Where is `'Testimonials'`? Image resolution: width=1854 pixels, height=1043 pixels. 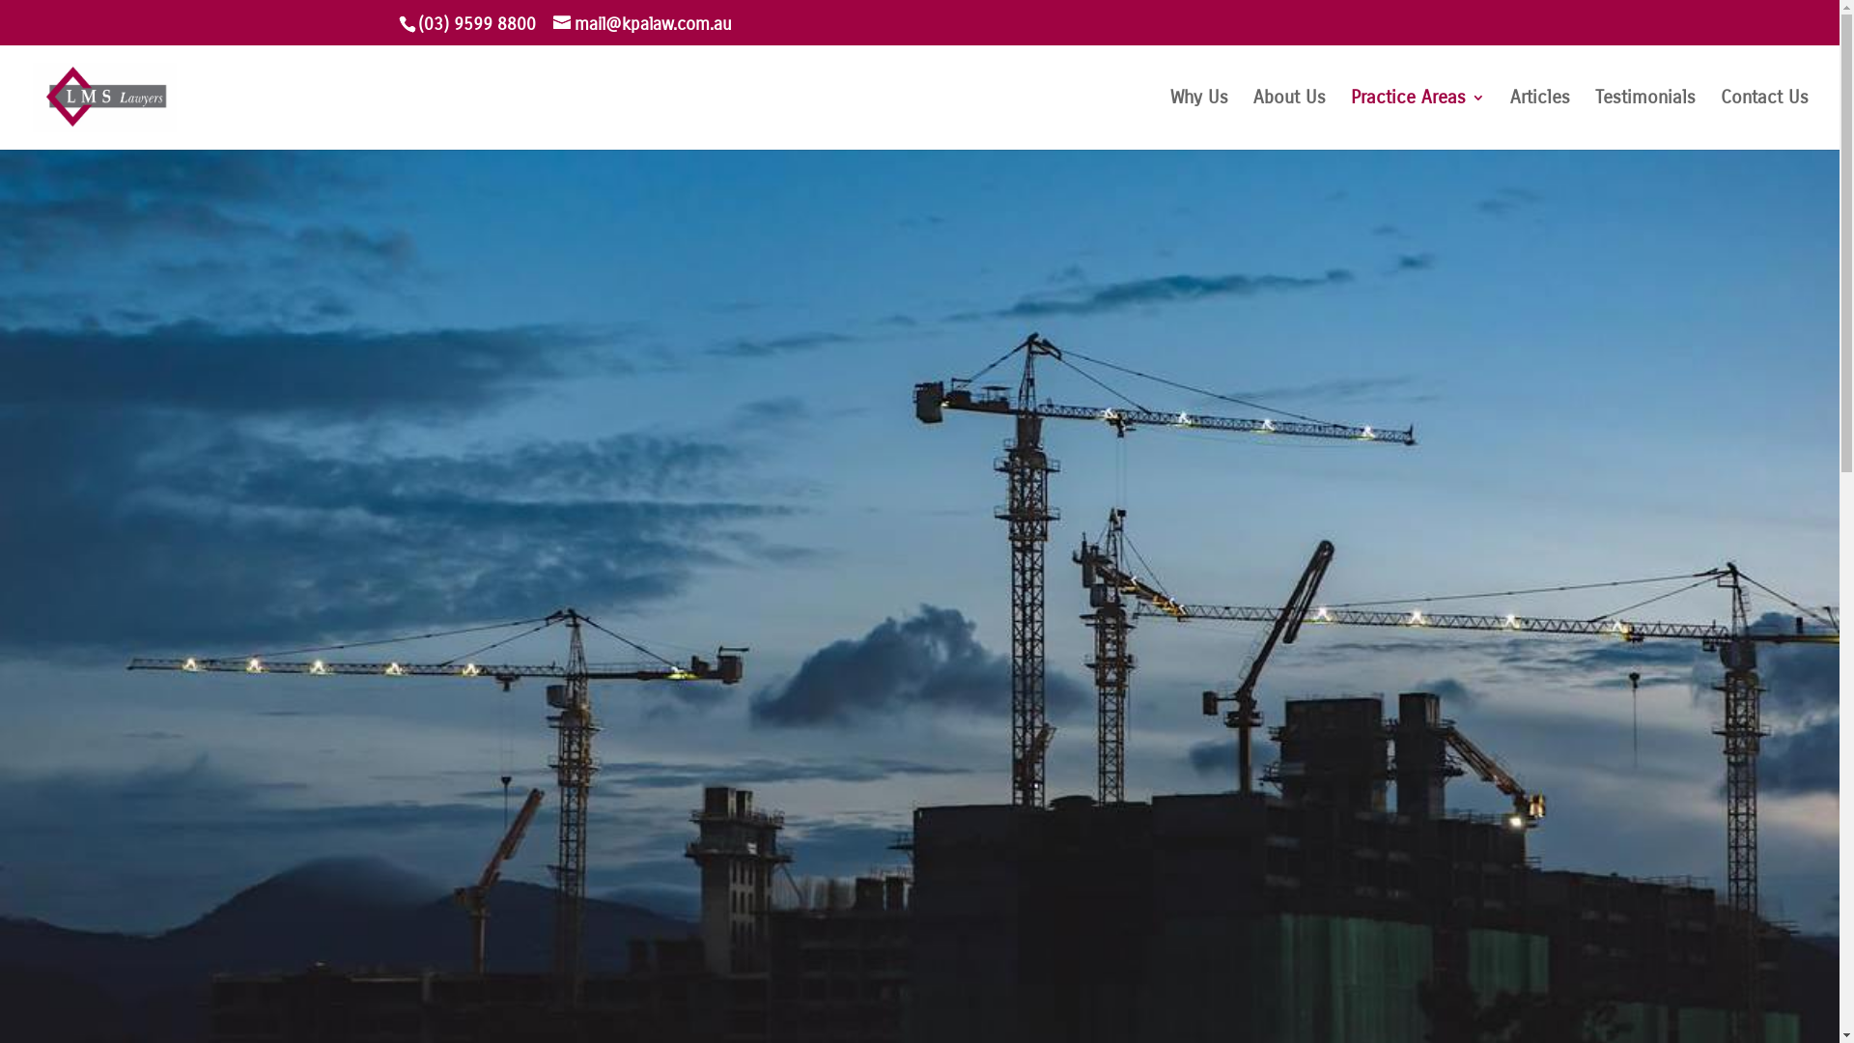
'Testimonials' is located at coordinates (1594, 120).